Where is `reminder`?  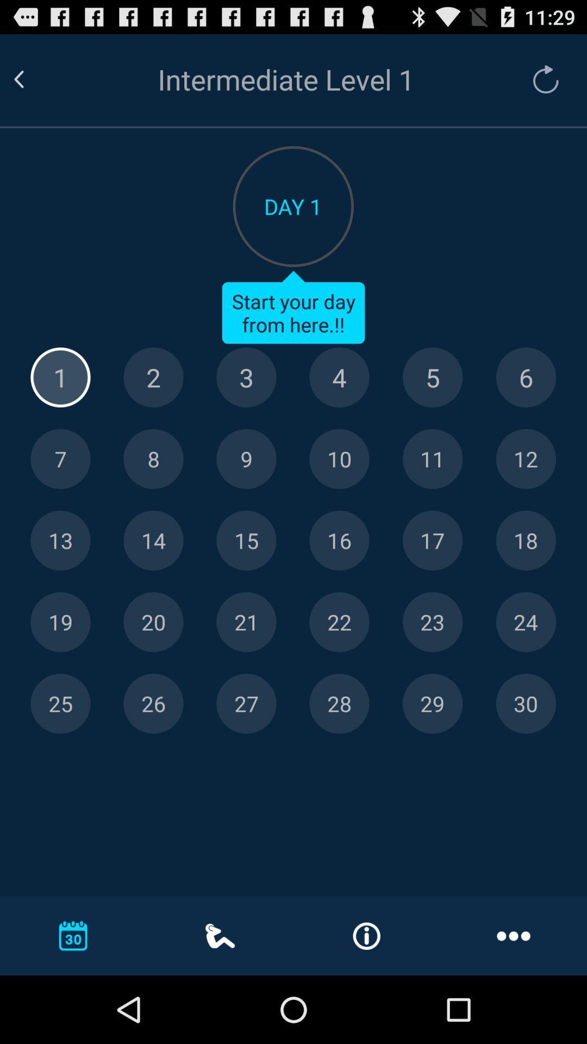 reminder is located at coordinates (525, 459).